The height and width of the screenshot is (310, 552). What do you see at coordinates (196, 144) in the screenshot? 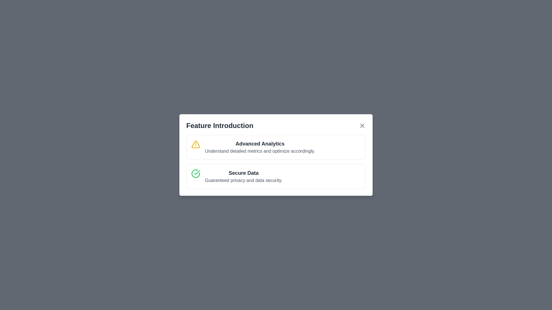
I see `the warning icon for the 'Advanced Analytics' feature, which is located within the card on the left side of the text 'Advanced Analytics'` at bounding box center [196, 144].